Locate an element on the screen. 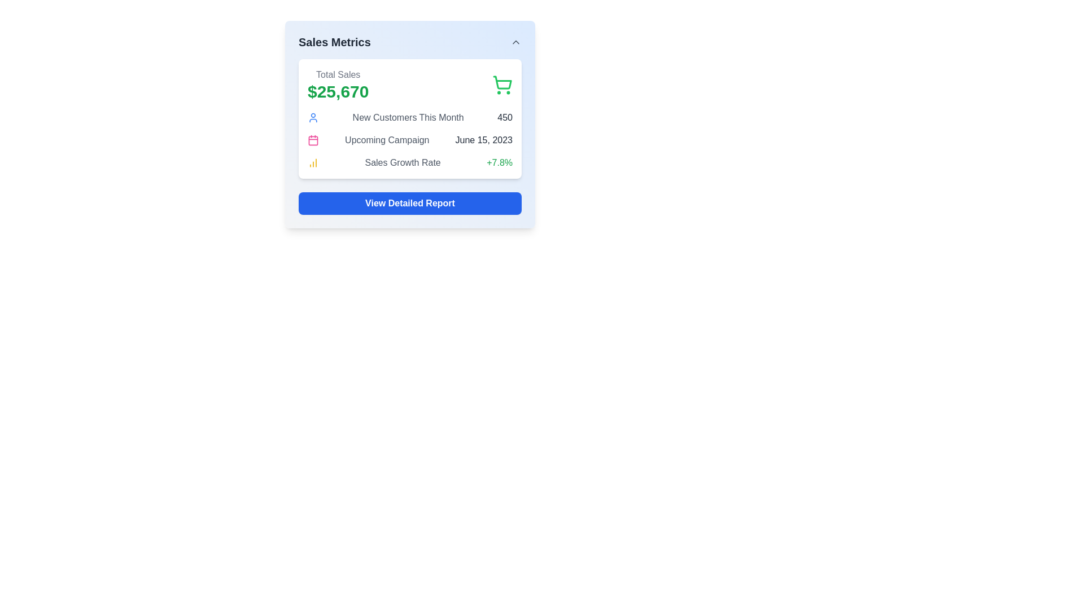  the user profile SVG icon, which is styled in blue and located to the left of the text 'New Customers This Month' is located at coordinates (313, 117).